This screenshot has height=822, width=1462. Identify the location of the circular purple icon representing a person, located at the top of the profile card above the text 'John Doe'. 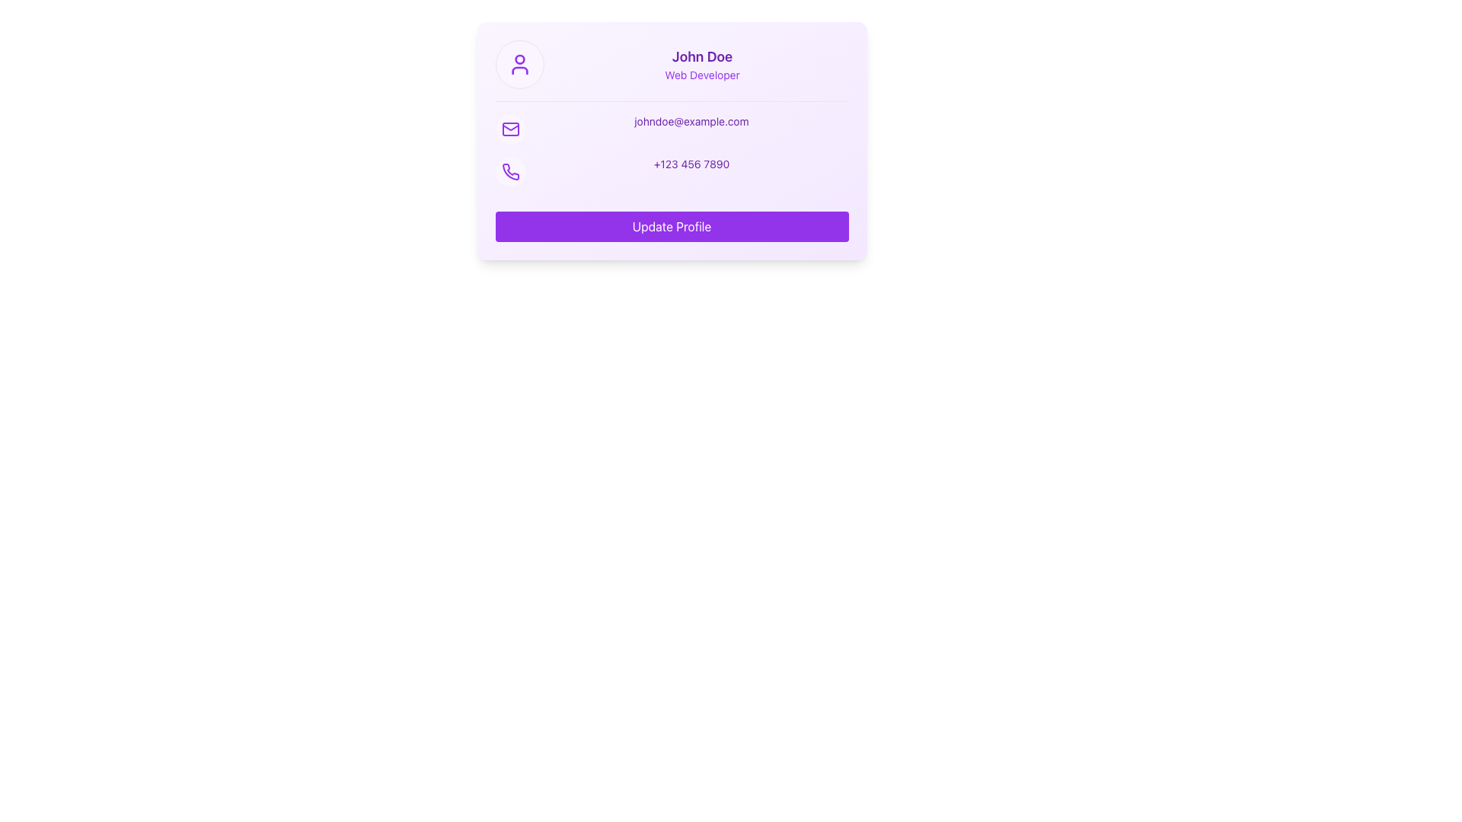
(519, 63).